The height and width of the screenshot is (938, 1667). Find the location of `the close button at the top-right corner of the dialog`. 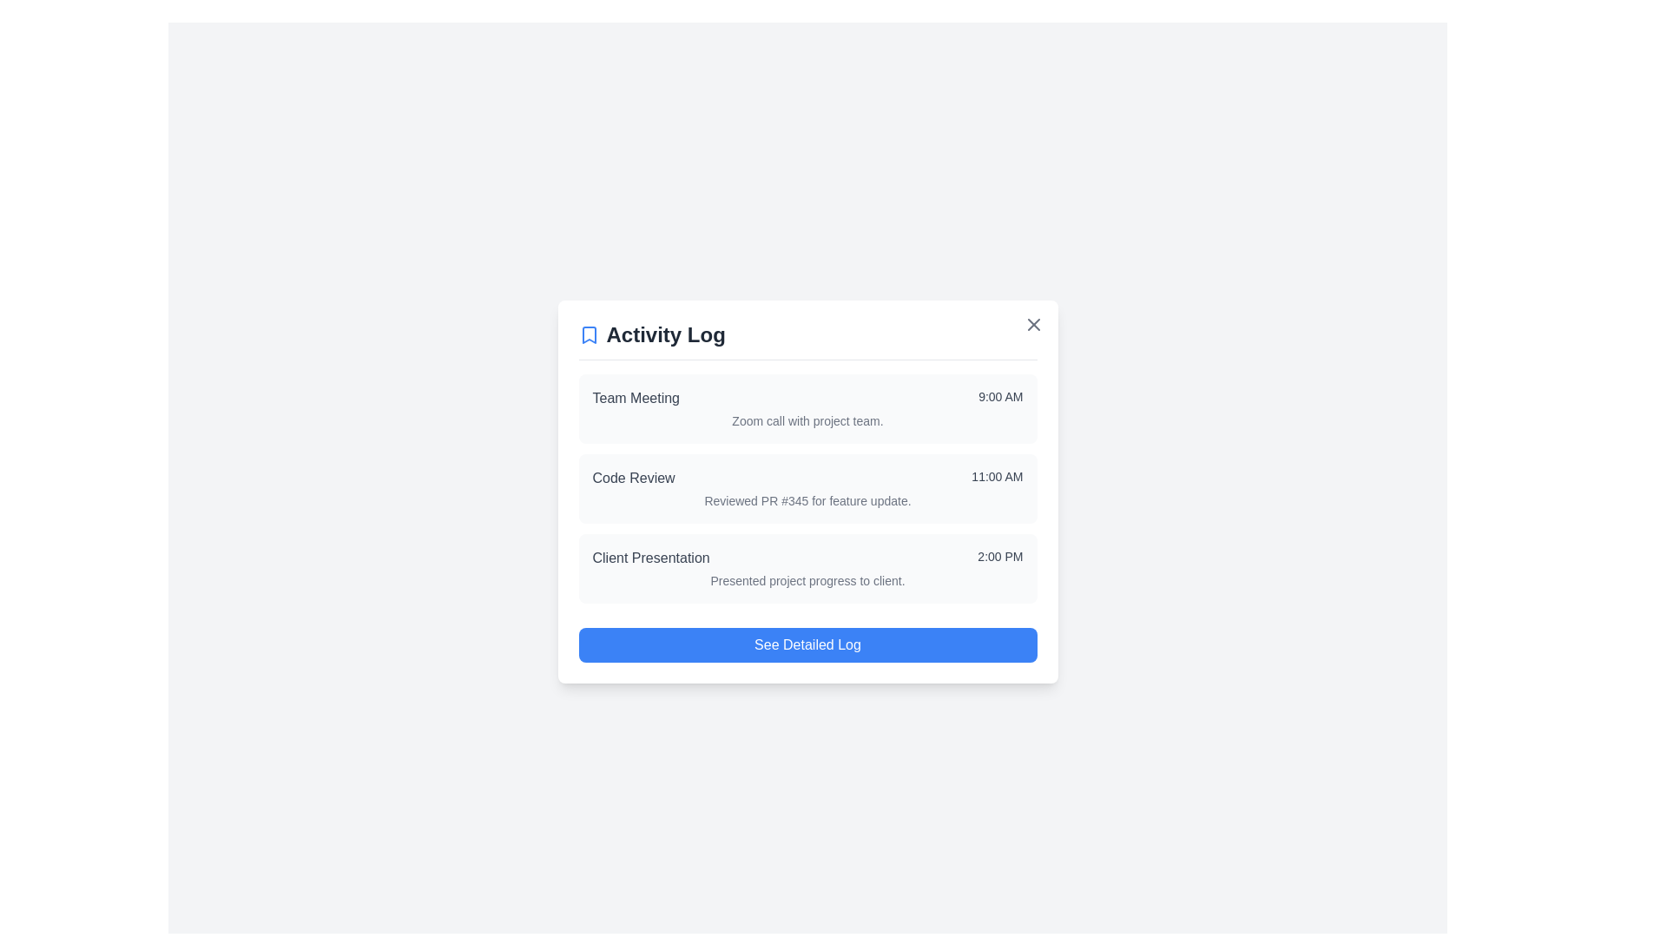

the close button at the top-right corner of the dialog is located at coordinates (1033, 324).